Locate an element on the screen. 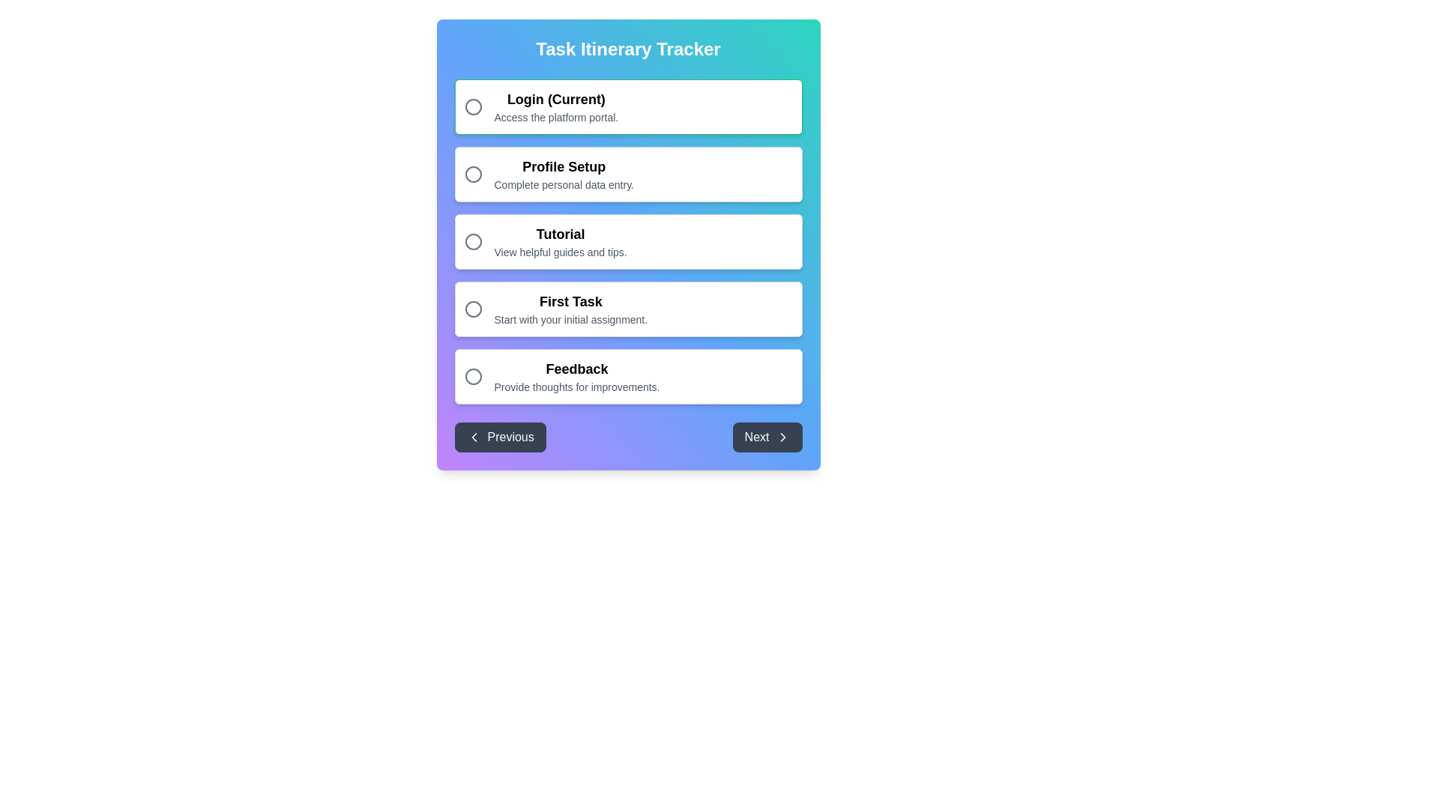 This screenshot has width=1439, height=809. the circular icon with a gray outline located to the left of the text 'Profile Setup' in the second task card is located at coordinates (472, 173).